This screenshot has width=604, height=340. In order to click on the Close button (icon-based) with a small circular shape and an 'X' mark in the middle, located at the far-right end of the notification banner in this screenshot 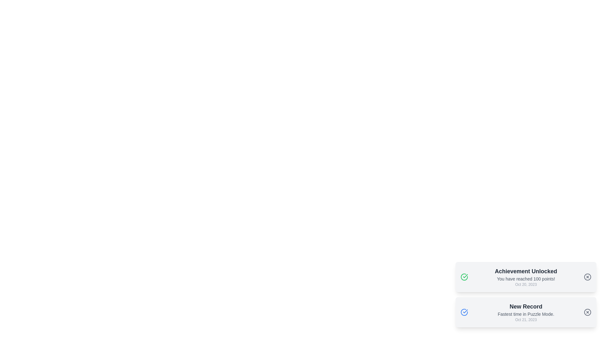, I will do `click(587, 276)`.